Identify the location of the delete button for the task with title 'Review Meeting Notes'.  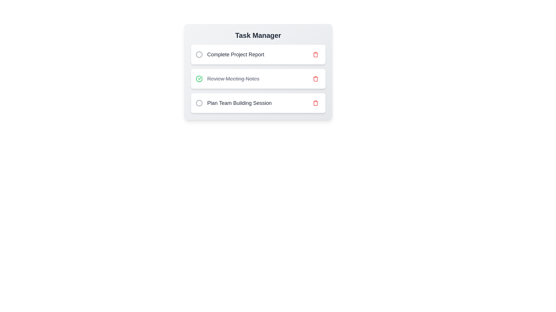
(315, 79).